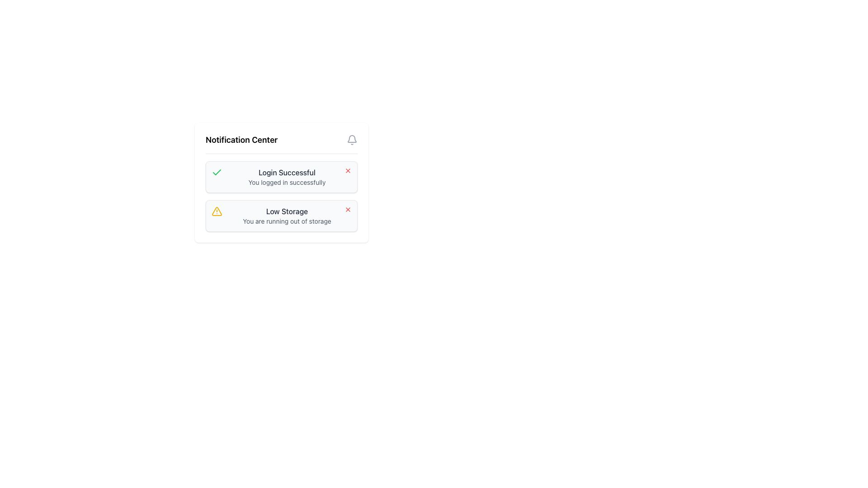  I want to click on the header text label located in the second notification item of the Notification Center, which summarizes the notification, so click(286, 211).